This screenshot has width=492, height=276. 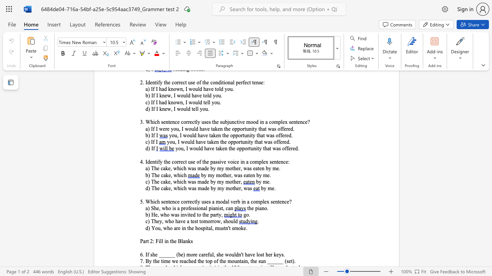 What do you see at coordinates (168, 175) in the screenshot?
I see `the space between the continuous character "k" and "e" in the text` at bounding box center [168, 175].